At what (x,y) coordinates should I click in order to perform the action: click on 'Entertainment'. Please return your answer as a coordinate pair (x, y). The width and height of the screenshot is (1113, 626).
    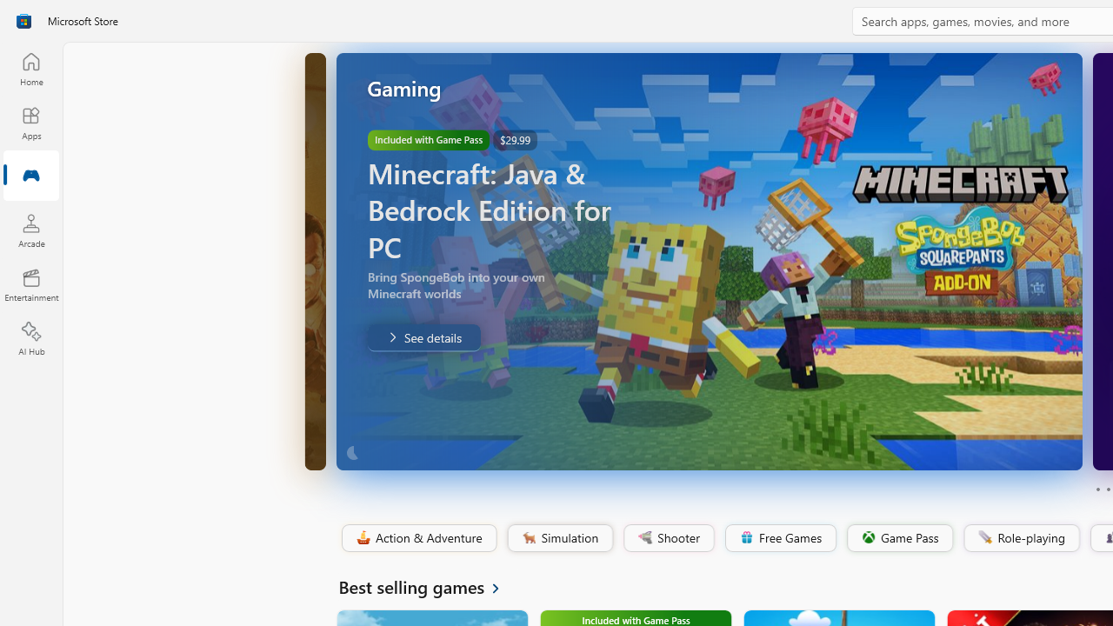
    Looking at the image, I should click on (30, 283).